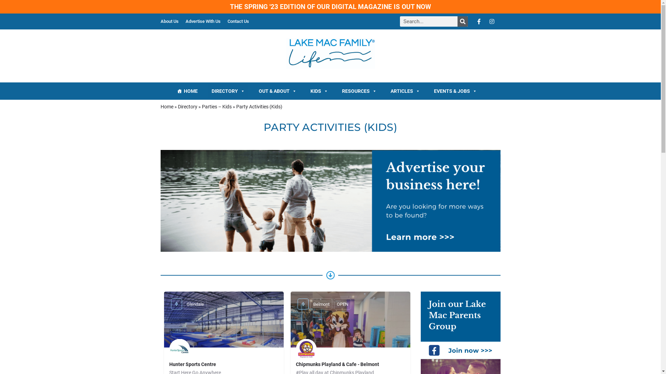 Image resolution: width=666 pixels, height=374 pixels. What do you see at coordinates (359, 90) in the screenshot?
I see `'RESOURCES'` at bounding box center [359, 90].